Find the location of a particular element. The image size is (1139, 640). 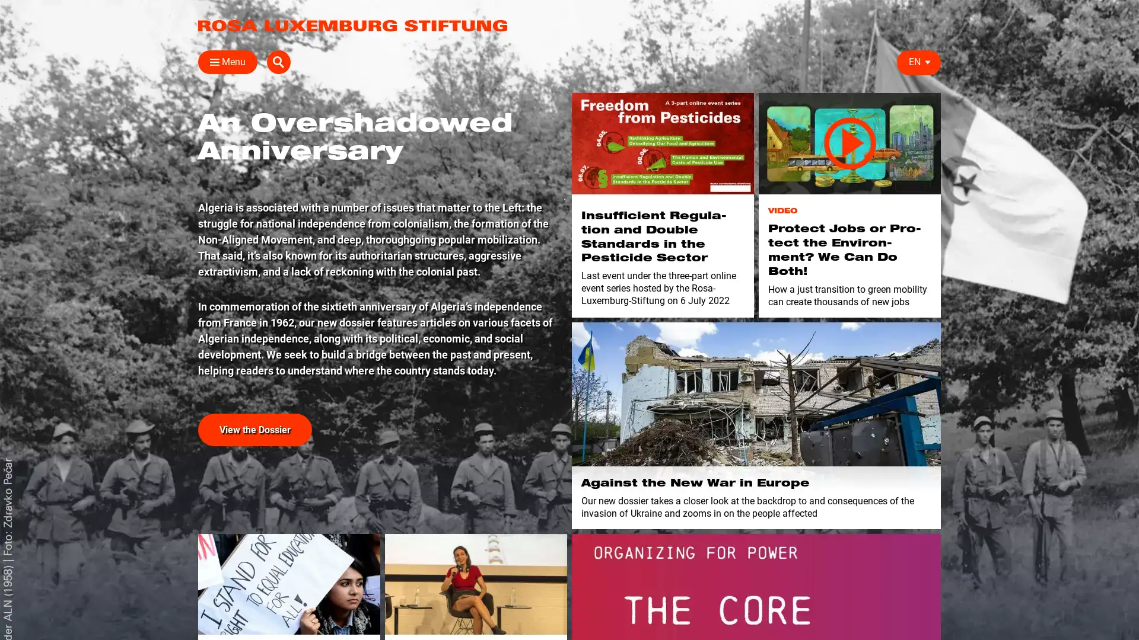

Show more / less is located at coordinates (378, 233).